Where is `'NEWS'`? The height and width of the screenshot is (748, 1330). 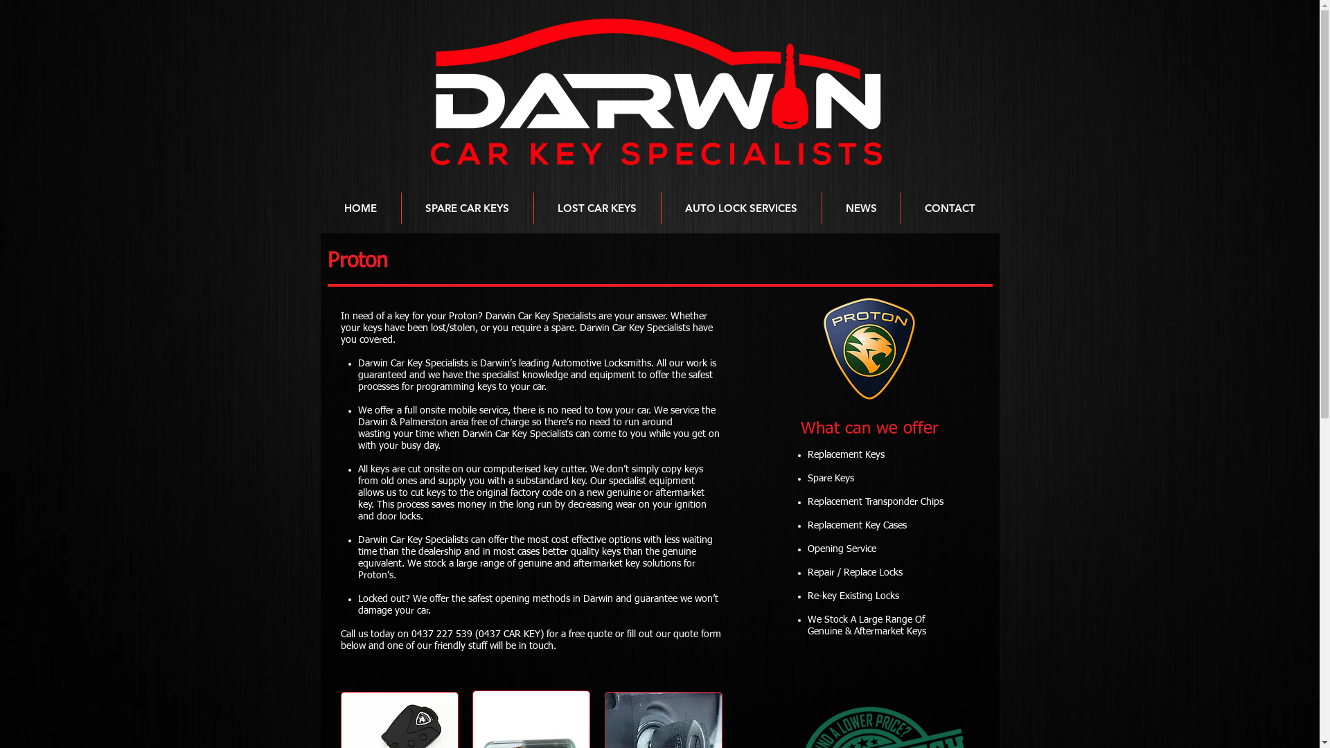
'NEWS' is located at coordinates (860, 208).